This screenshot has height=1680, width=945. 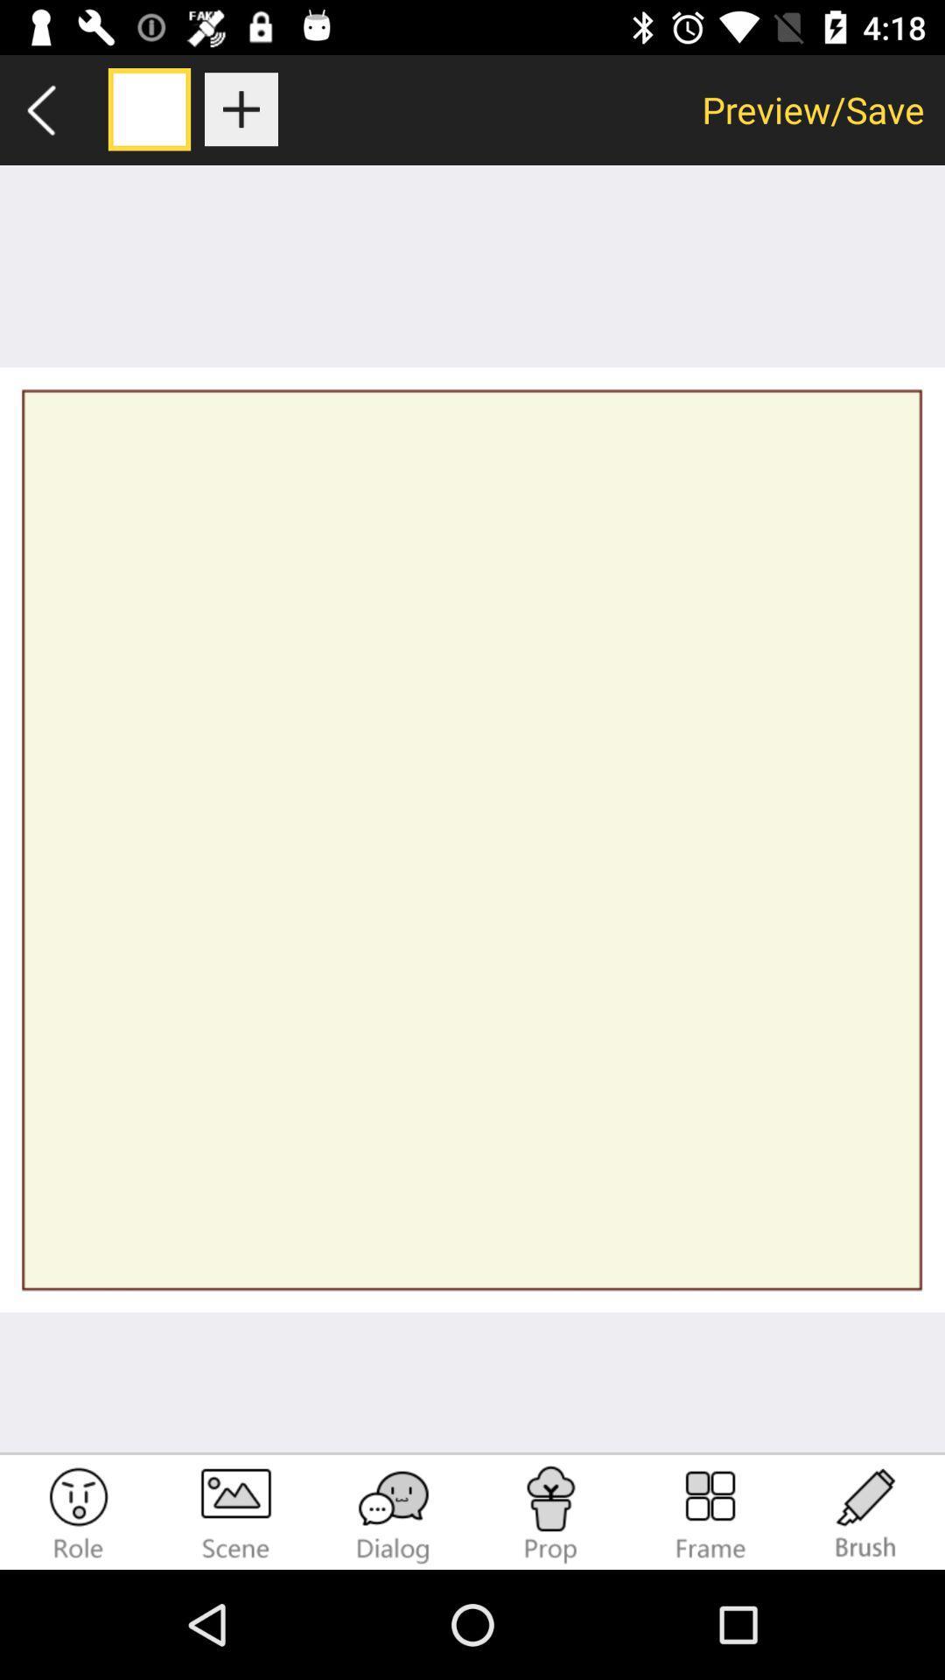 What do you see at coordinates (77, 1514) in the screenshot?
I see `the emoji icon` at bounding box center [77, 1514].